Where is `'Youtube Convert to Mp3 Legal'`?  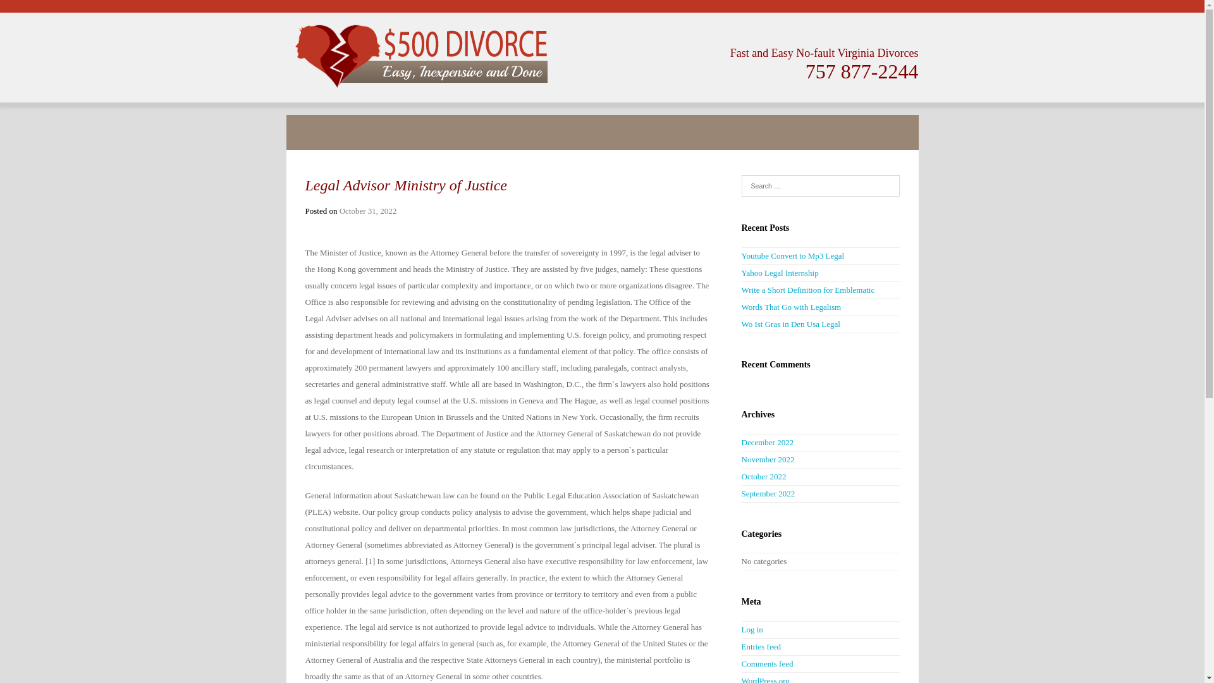
'Youtube Convert to Mp3 Legal' is located at coordinates (792, 255).